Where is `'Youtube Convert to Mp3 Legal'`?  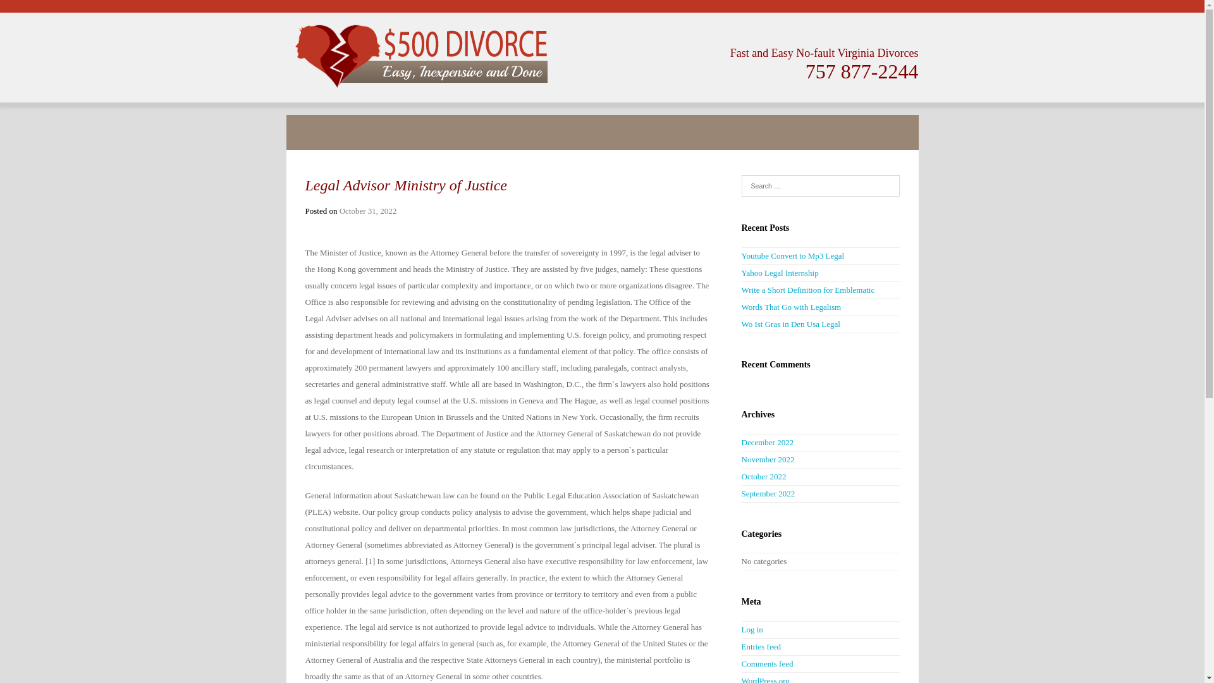
'Youtube Convert to Mp3 Legal' is located at coordinates (792, 255).